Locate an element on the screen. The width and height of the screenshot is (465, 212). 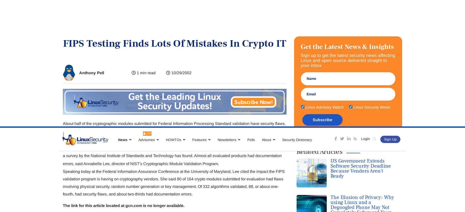
'Related Articles' is located at coordinates (319, 25).